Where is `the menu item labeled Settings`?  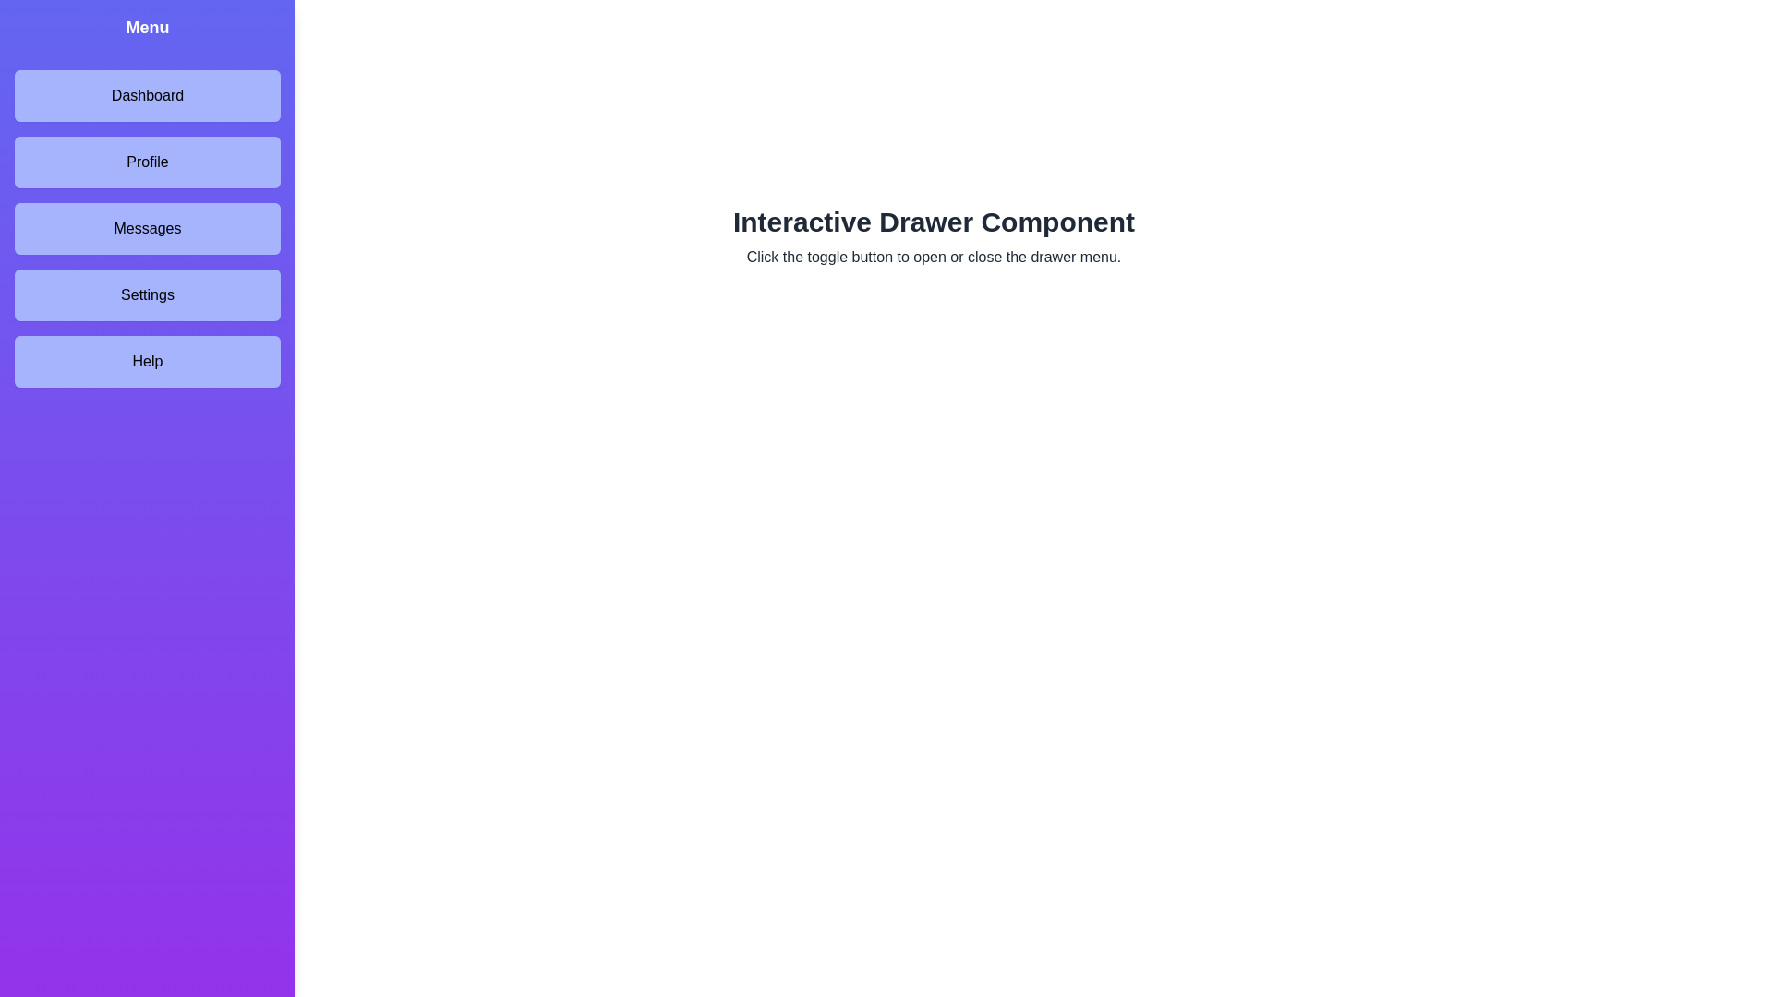 the menu item labeled Settings is located at coordinates (146, 294).